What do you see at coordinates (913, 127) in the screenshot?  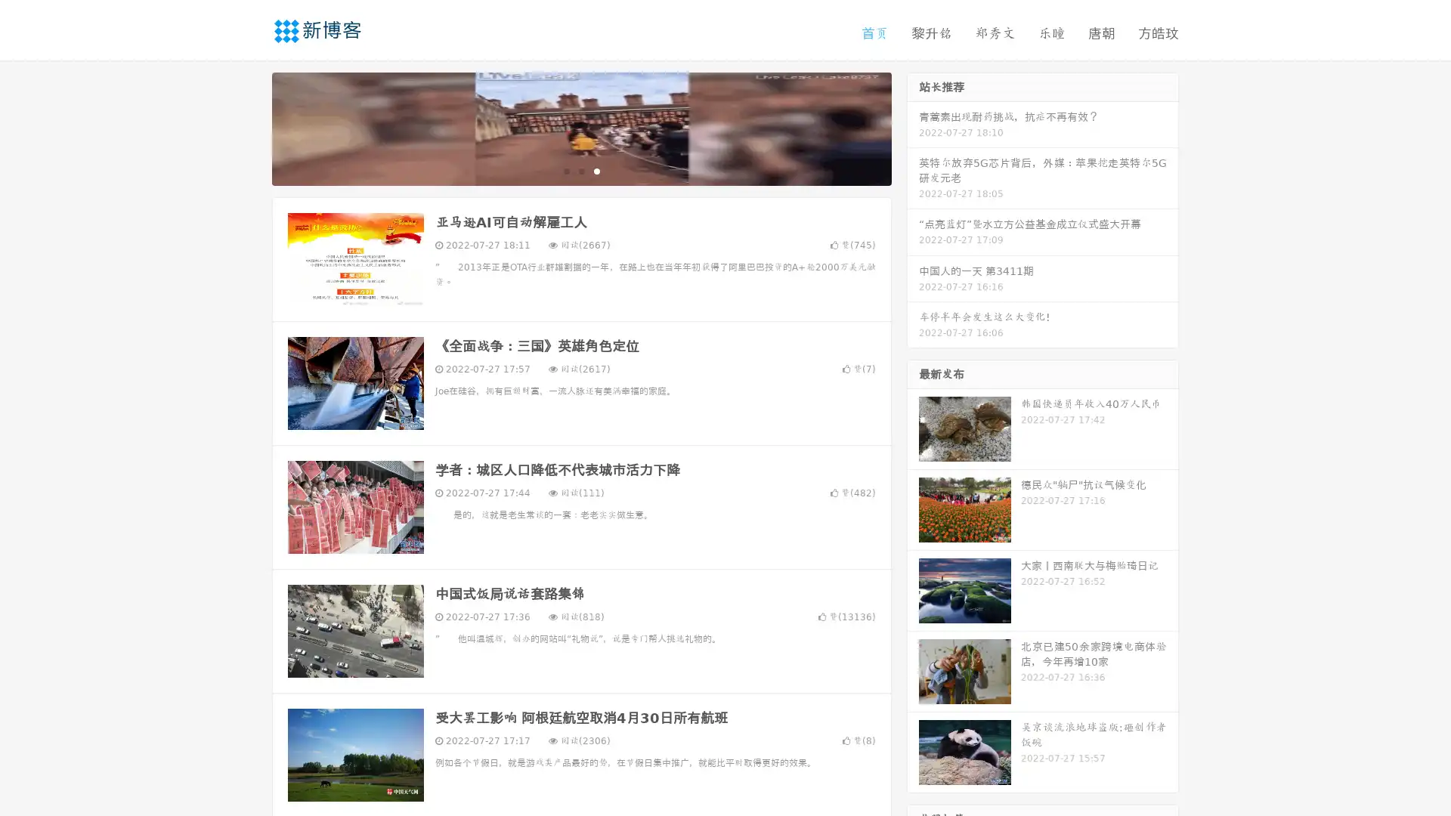 I see `Next slide` at bounding box center [913, 127].